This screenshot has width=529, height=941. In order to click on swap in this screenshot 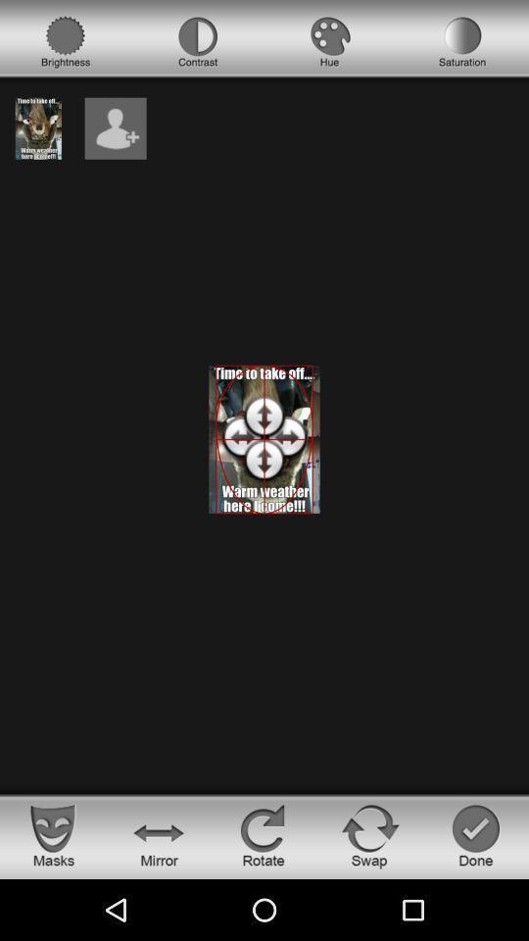, I will do `click(370, 834)`.